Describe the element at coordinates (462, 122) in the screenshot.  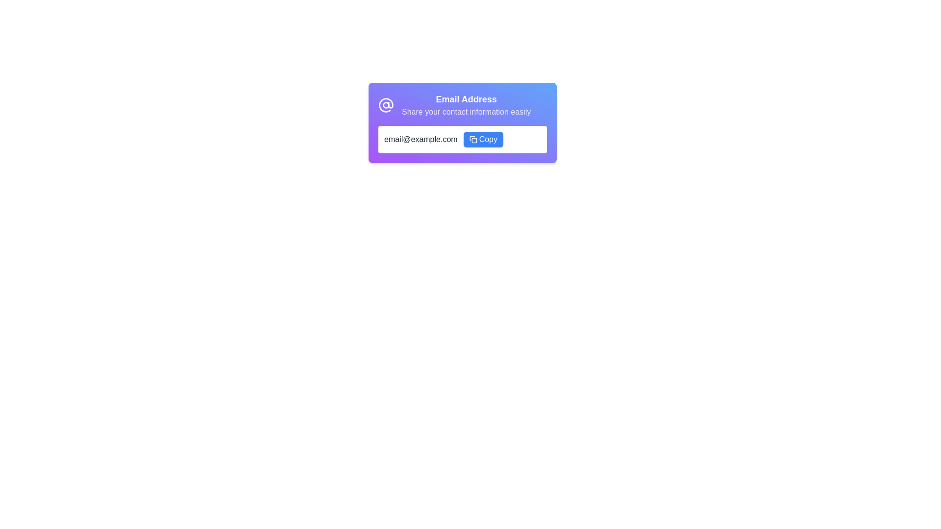
I see `the email text 'email@example.com' located in the Interactive Card with Copy Button, which features a gradient background and a 'Copy' button` at that location.